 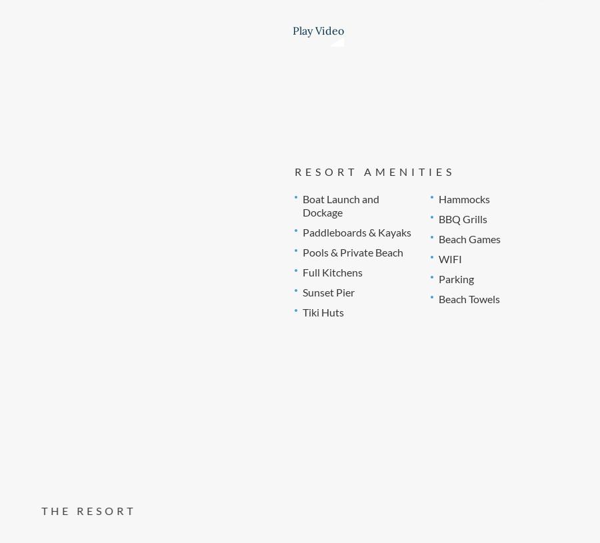 I want to click on 'Full Kitchens', so click(x=331, y=271).